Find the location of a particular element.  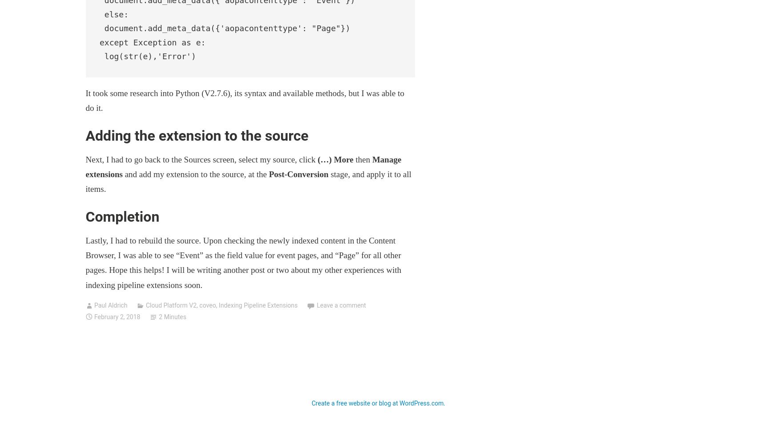

'Completion' is located at coordinates (122, 216).